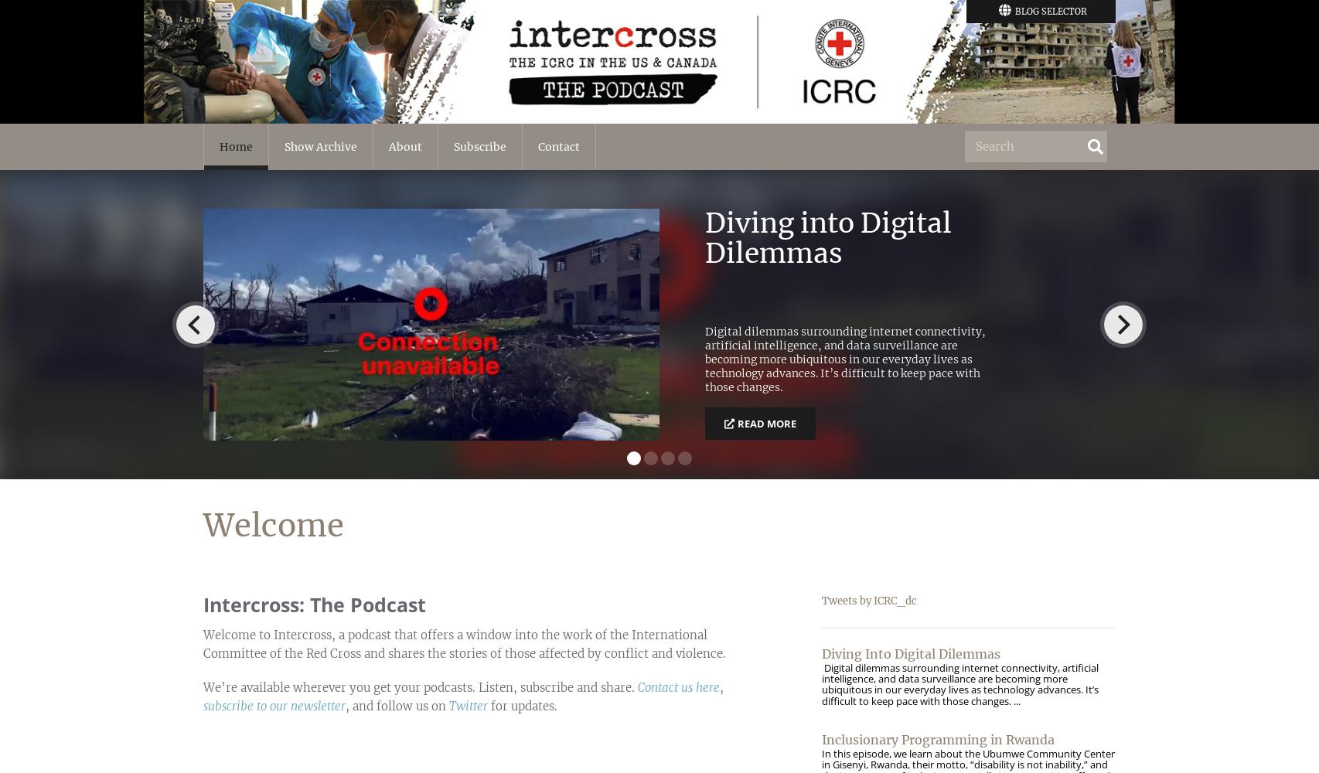 Image resolution: width=1319 pixels, height=773 pixels. Describe the element at coordinates (959, 683) in the screenshot. I see `'Digital dilemmas surrounding internet connectivity, artificial intelligence, and data surveillance are becoming more ubiquitous in our everyday lives as technology advances. It’s difficult to keep pace with those changes. ...'` at that location.